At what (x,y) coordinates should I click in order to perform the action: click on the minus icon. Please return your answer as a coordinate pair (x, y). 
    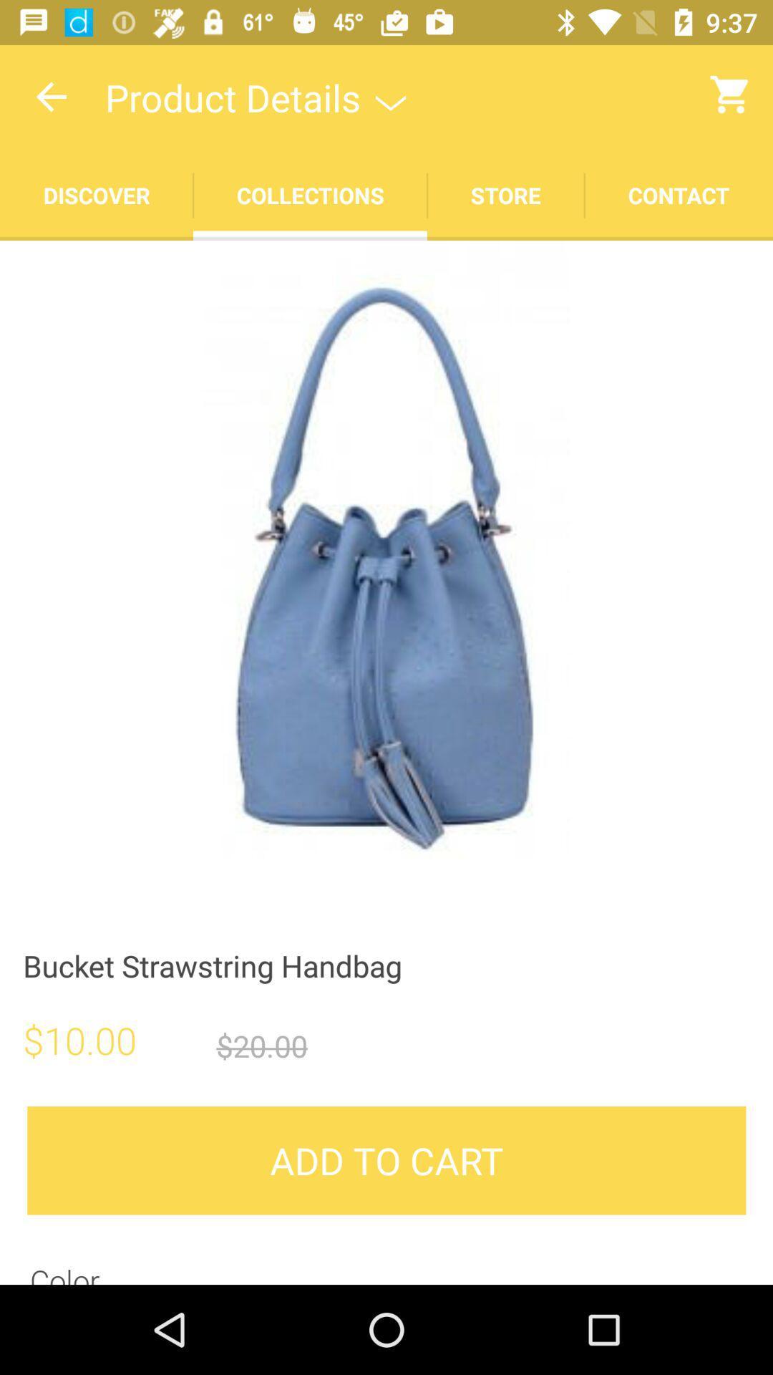
    Looking at the image, I should click on (146, 266).